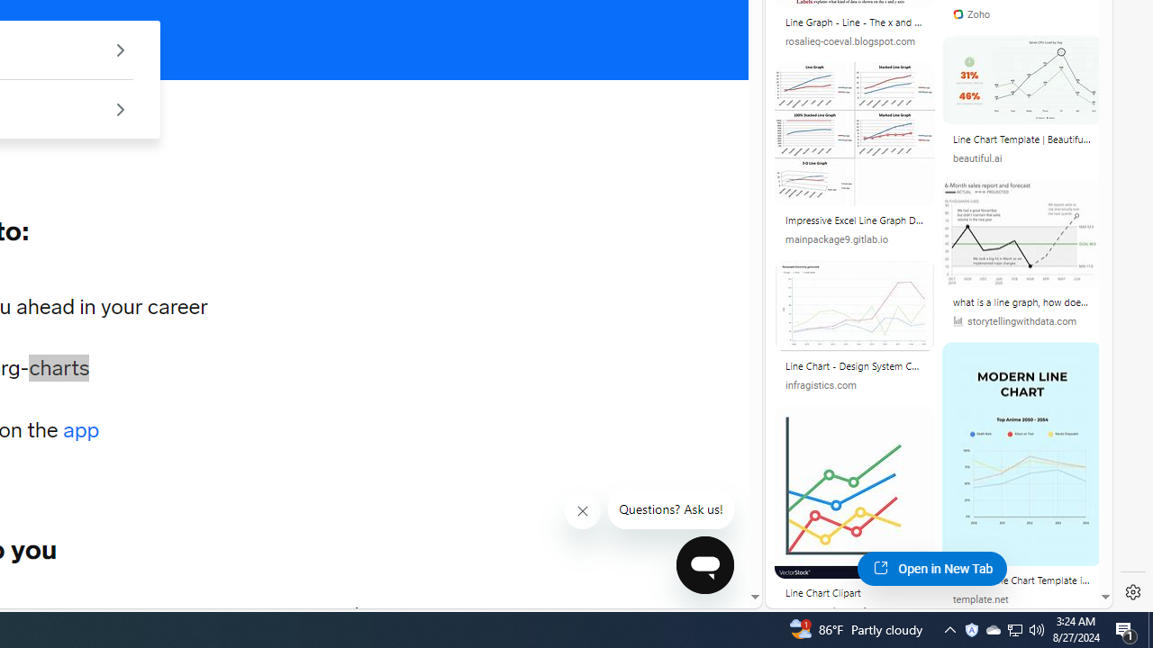 The image size is (1153, 648). I want to click on 'app', so click(80, 430).